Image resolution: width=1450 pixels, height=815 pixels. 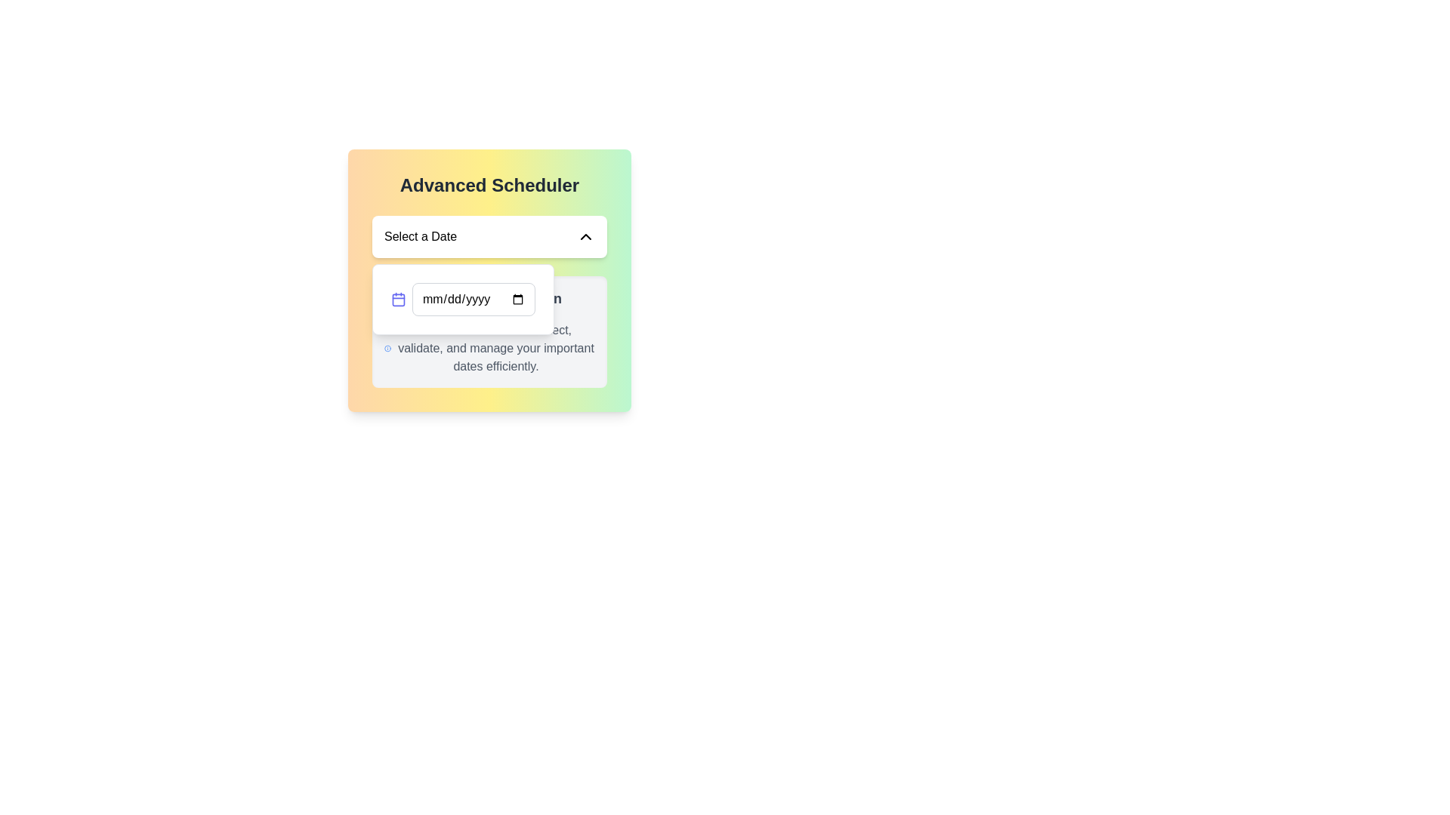 I want to click on the warning icon located on the leftmost side of the section, before the text 'Use this scheduler to select, validate, and manage your important dates efficiently.', so click(x=387, y=349).